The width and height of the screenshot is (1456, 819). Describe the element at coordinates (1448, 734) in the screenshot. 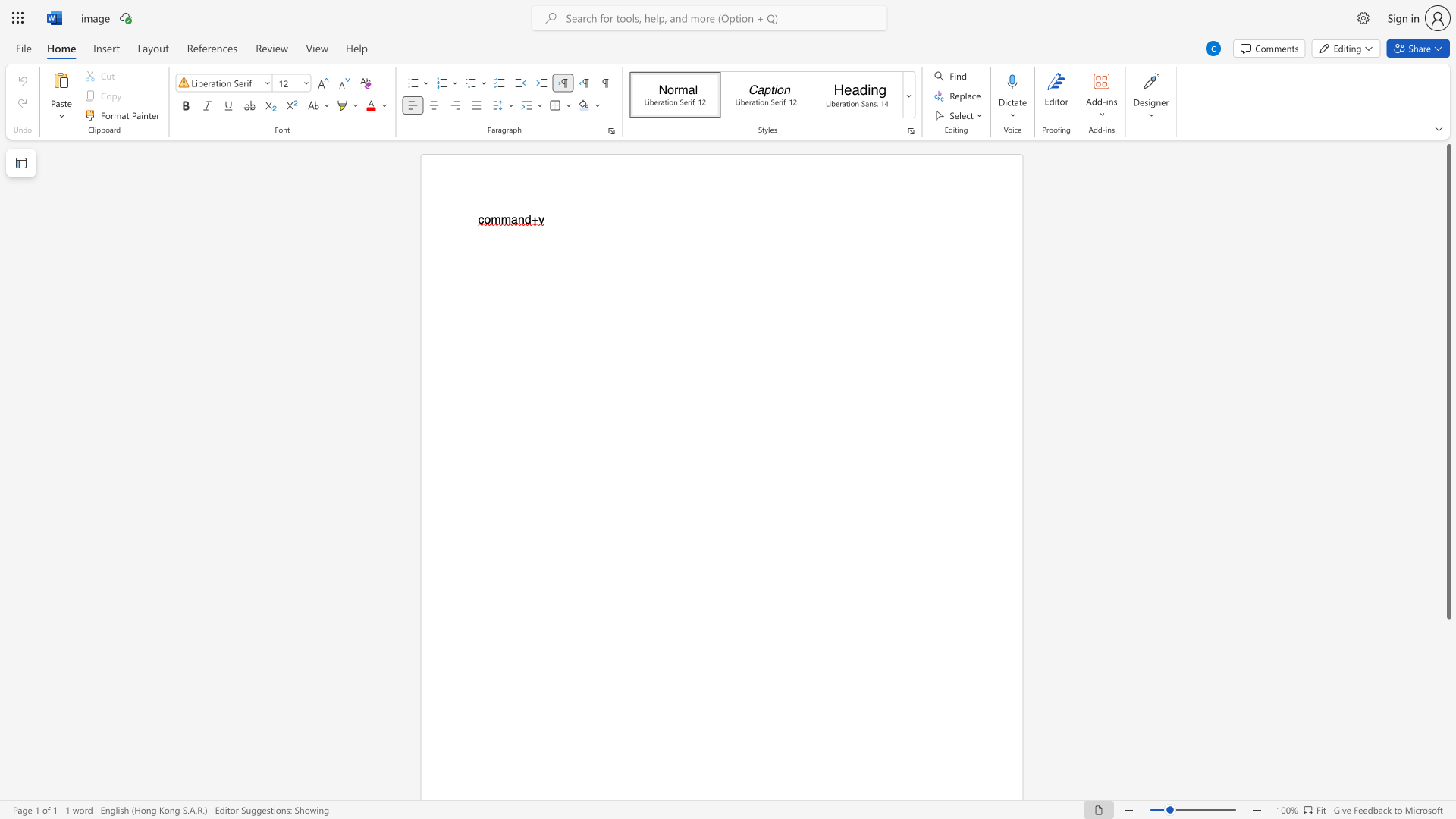

I see `the vertical scrollbar to lower the page content` at that location.